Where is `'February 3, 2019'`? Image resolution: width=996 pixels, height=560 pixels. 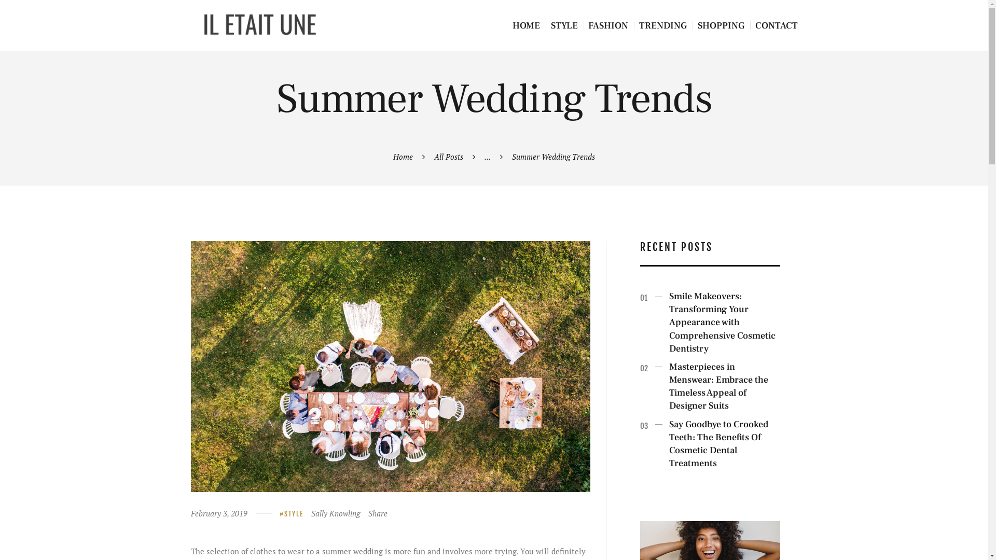 'February 3, 2019' is located at coordinates (218, 513).